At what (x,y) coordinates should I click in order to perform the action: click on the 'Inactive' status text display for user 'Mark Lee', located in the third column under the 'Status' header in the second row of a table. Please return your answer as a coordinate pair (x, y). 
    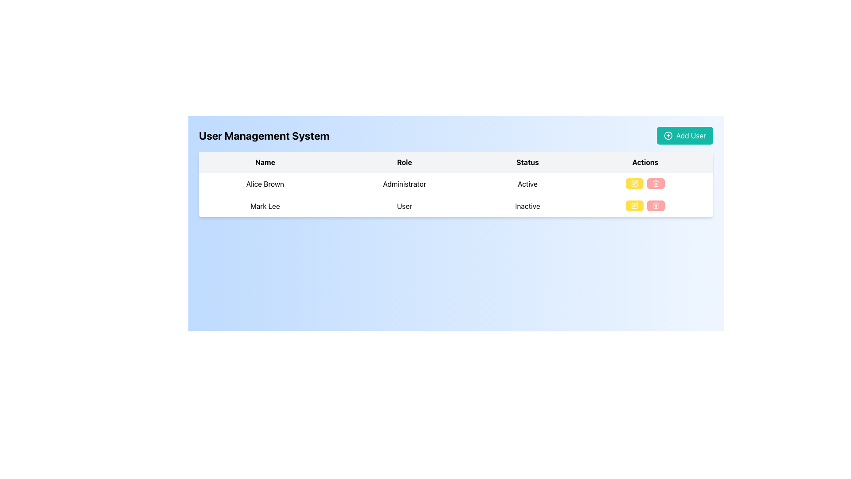
    Looking at the image, I should click on (527, 206).